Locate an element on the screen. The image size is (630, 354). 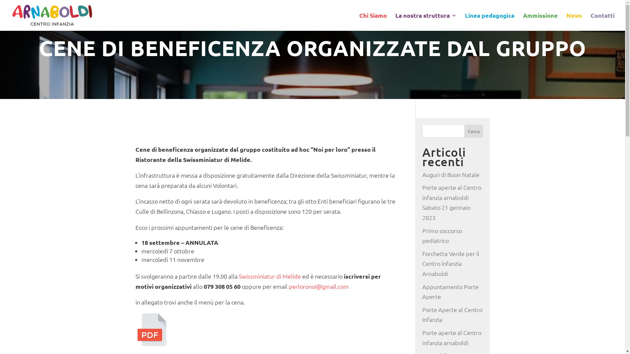
'Primo soccorso pediatrico' is located at coordinates (442, 235).